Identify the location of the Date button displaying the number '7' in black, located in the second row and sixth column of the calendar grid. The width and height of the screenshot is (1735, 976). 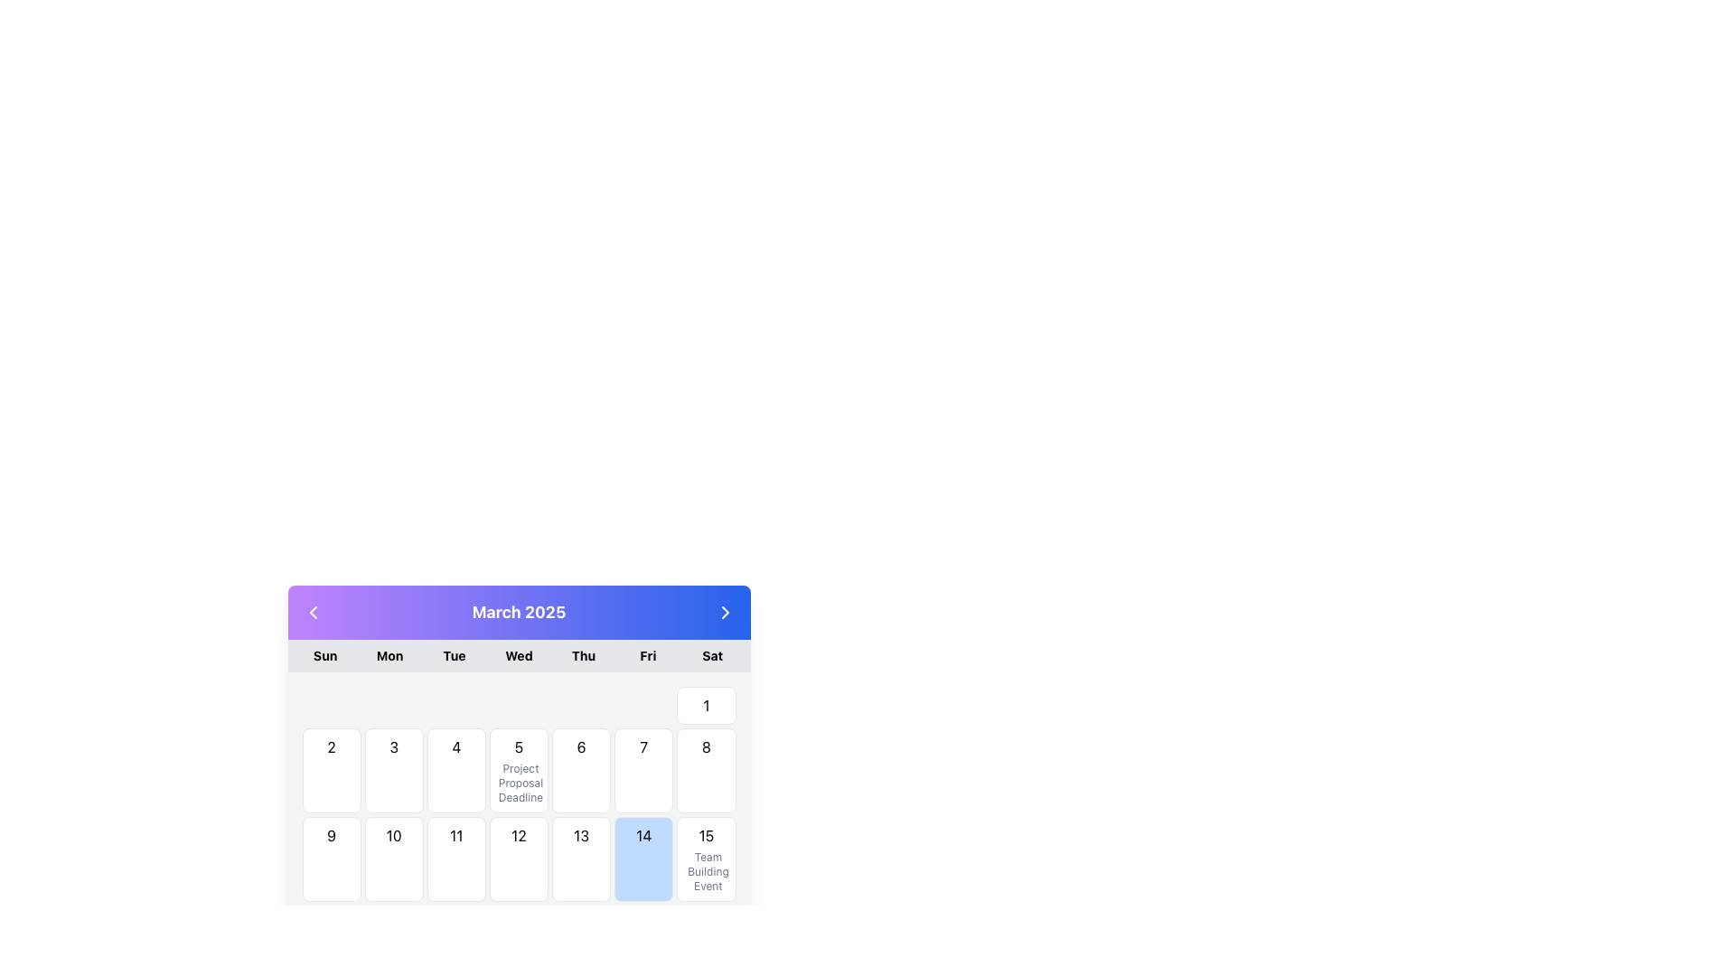
(643, 770).